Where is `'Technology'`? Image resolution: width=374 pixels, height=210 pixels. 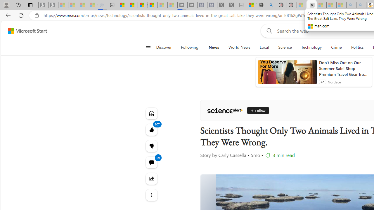
'Technology' is located at coordinates (311, 47).